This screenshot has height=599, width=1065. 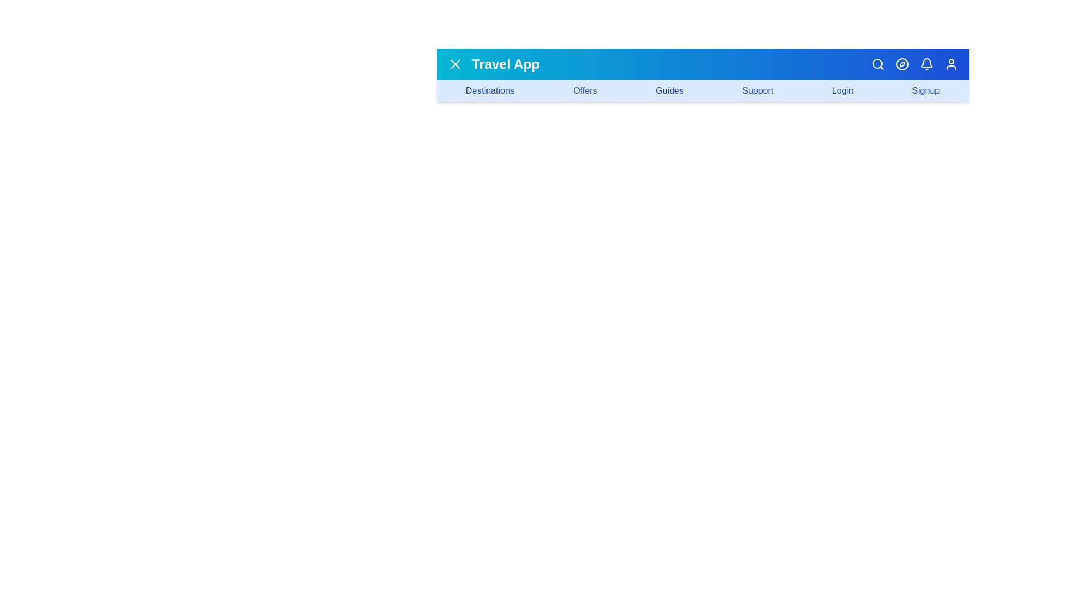 I want to click on menu toggle button to open or close the menu, so click(x=455, y=64).